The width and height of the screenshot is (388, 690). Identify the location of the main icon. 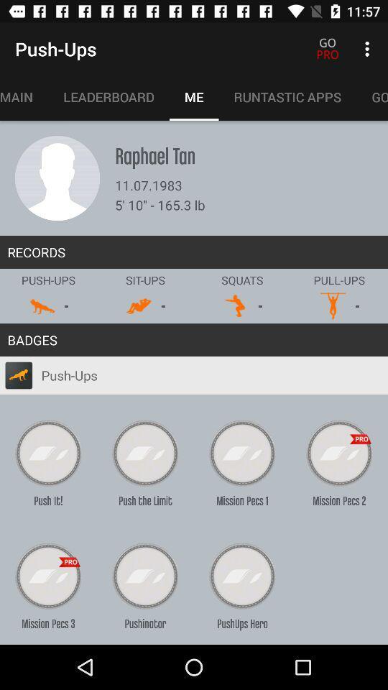
(23, 96).